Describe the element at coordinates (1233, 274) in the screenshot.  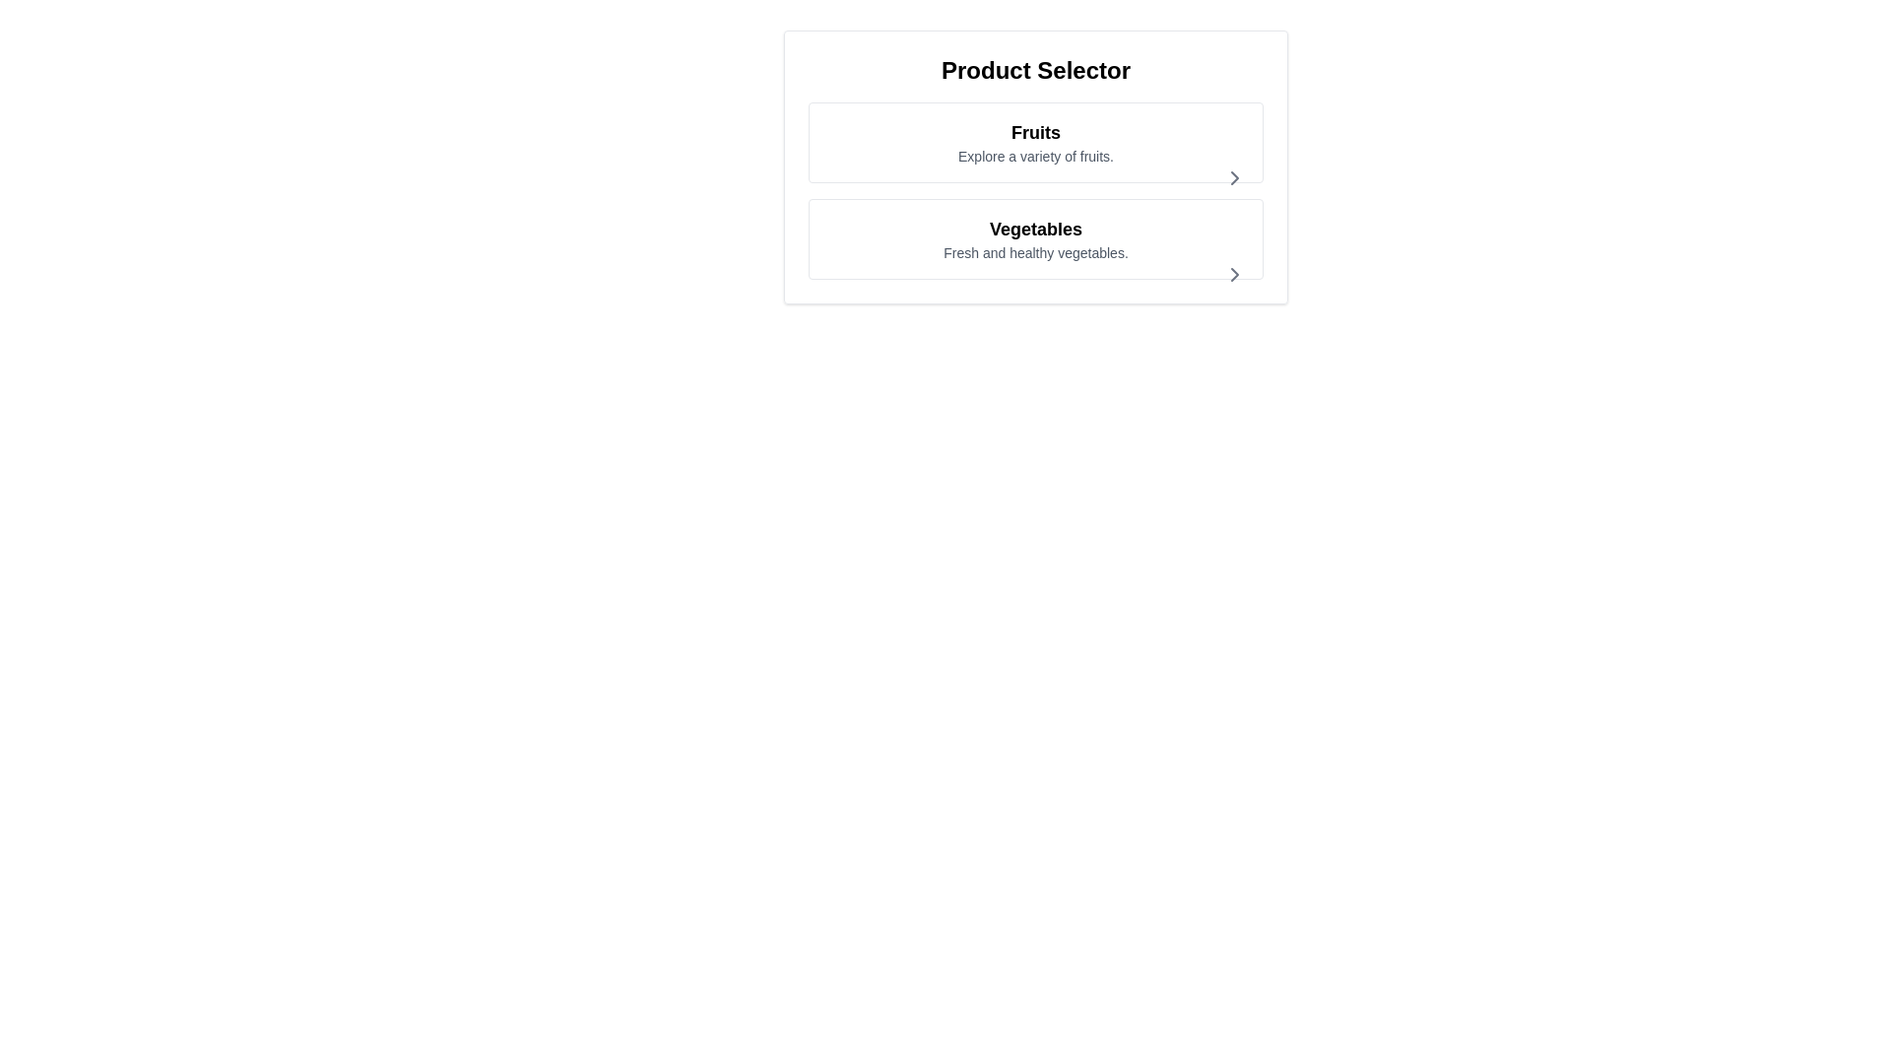
I see `the chevron icon on the far right of the 'Vegetables' card in the 'Product Selector' section` at that location.